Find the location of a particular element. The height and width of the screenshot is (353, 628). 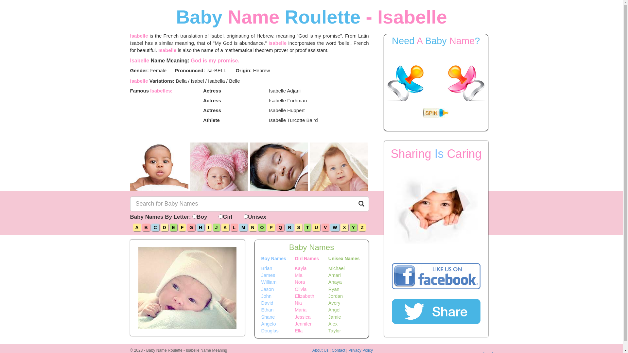

'V' is located at coordinates (325, 227).